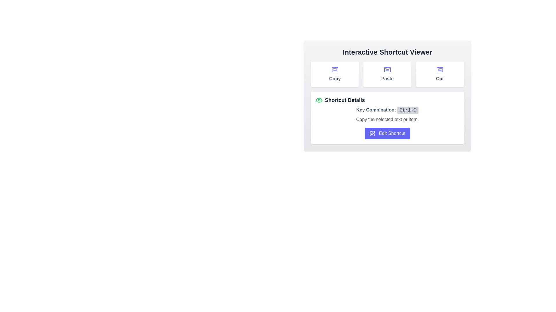 Image resolution: width=556 pixels, height=312 pixels. Describe the element at coordinates (387, 119) in the screenshot. I see `the descriptive label located in the 'Shortcut Details' section, below the 'Key Combination: Ctrl+C' text and above the 'Edit Shortcut' button` at that location.